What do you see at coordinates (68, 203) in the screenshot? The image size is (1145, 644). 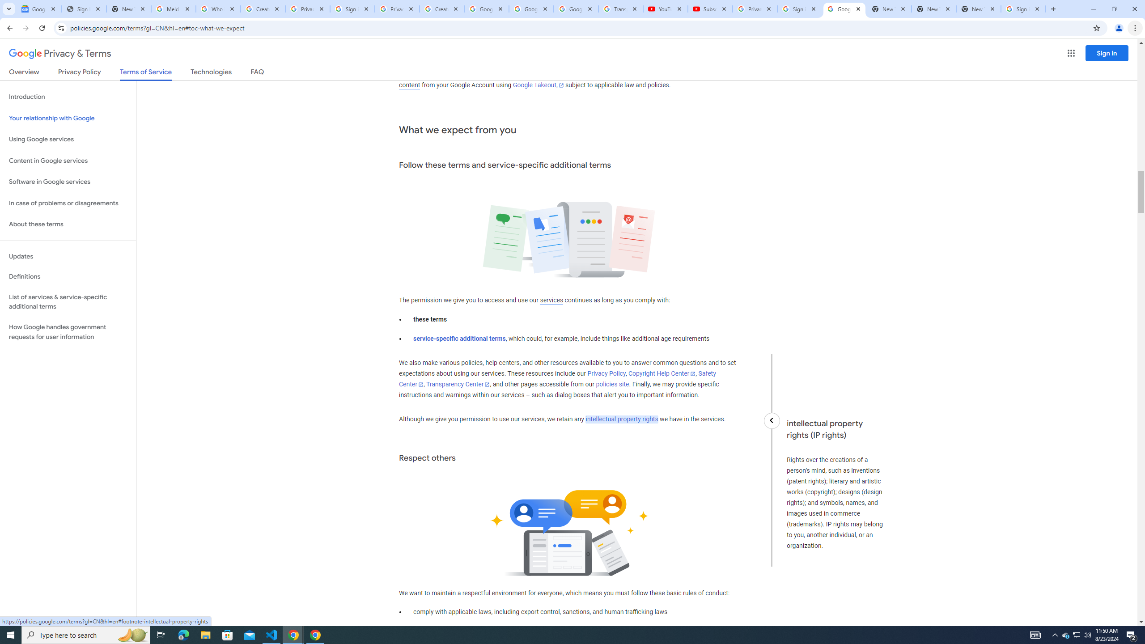 I see `'In case of problems or disagreements'` at bounding box center [68, 203].